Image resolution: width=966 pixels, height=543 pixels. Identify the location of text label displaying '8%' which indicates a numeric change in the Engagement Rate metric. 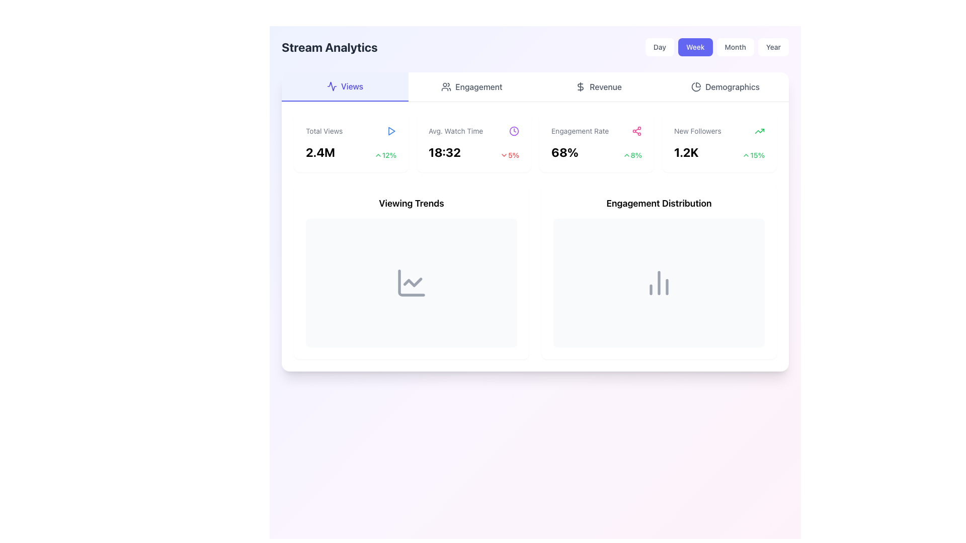
(635, 155).